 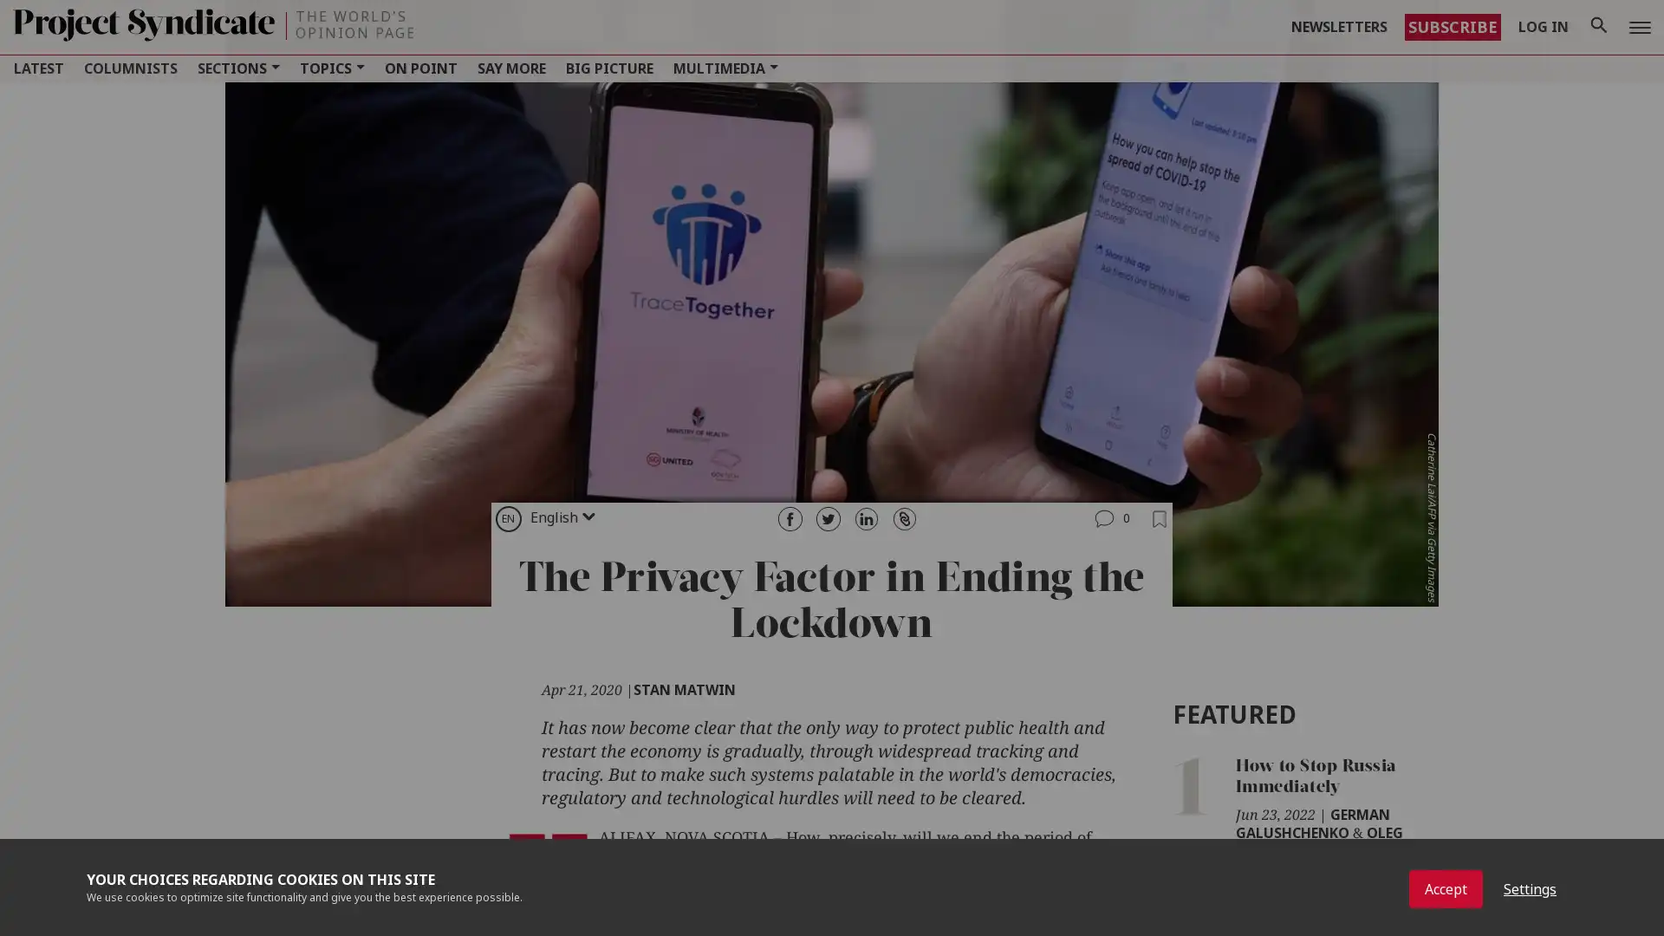 I want to click on Settings, so click(x=1530, y=889).